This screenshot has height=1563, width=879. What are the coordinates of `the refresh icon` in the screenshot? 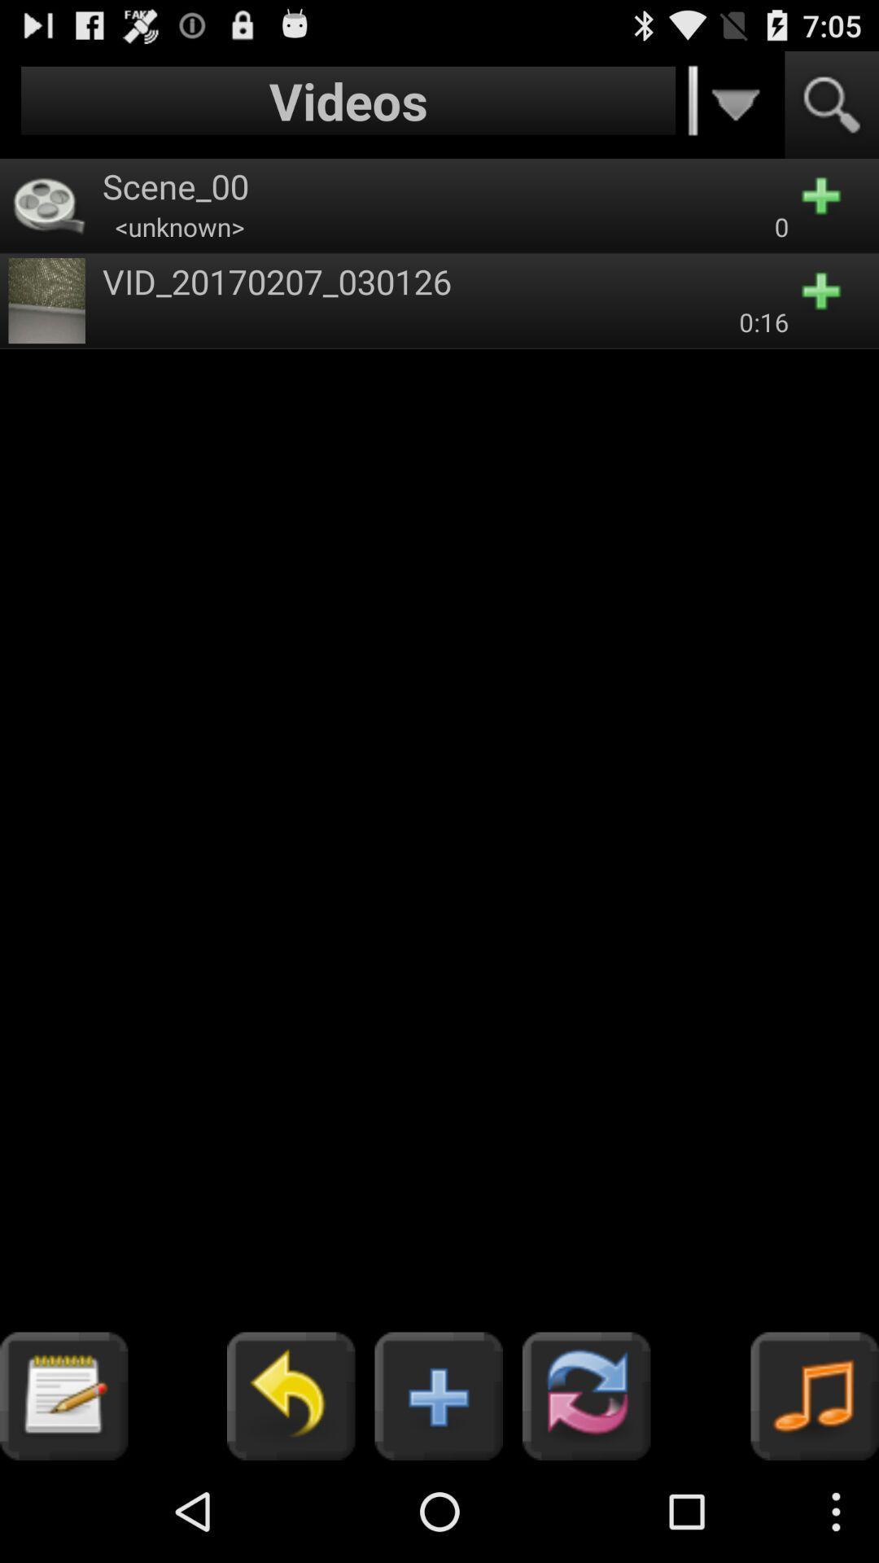 It's located at (586, 1494).